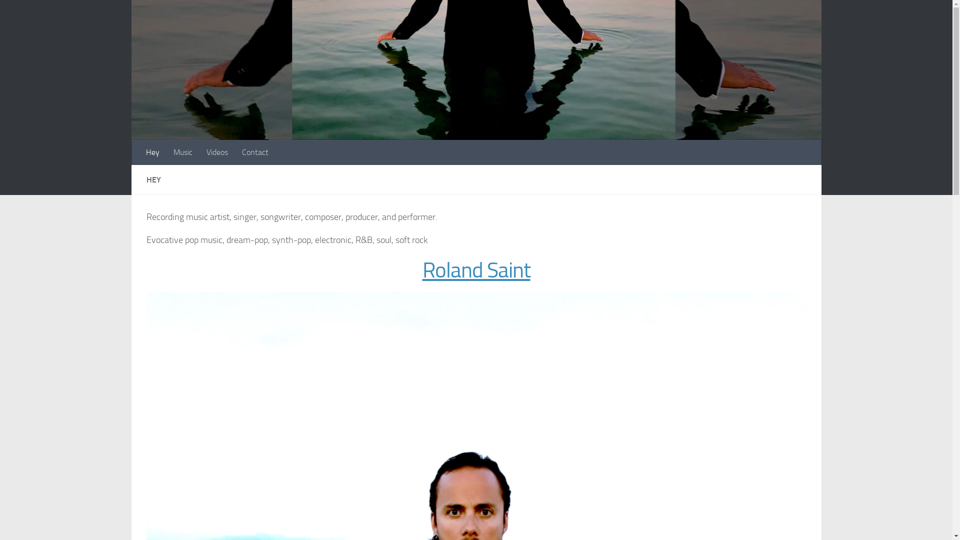  Describe the element at coordinates (2, 13) in the screenshot. I see `'Skip to content'` at that location.